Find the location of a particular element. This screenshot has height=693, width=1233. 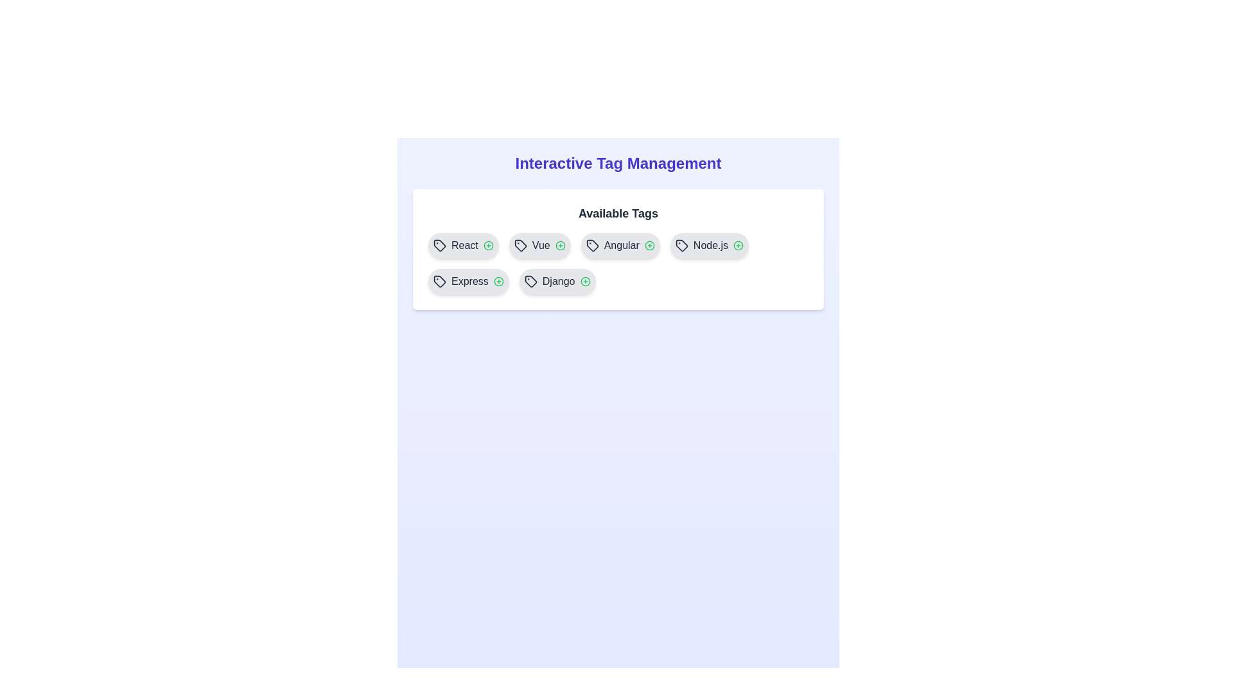

the SVG circle visual component that is part of an icon graphic indicating a functional component, such as add or enable, located centrally within the interactive tag component labeled with available tags is located at coordinates (584, 281).